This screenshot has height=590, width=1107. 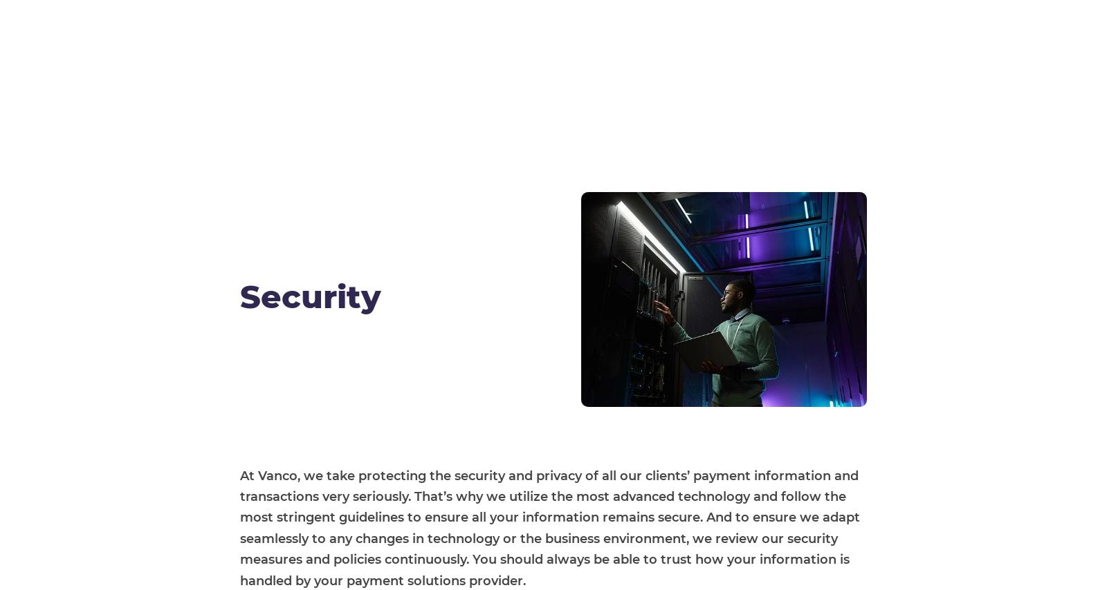 What do you see at coordinates (310, 333) in the screenshot?
I see `'Who We Serve'` at bounding box center [310, 333].